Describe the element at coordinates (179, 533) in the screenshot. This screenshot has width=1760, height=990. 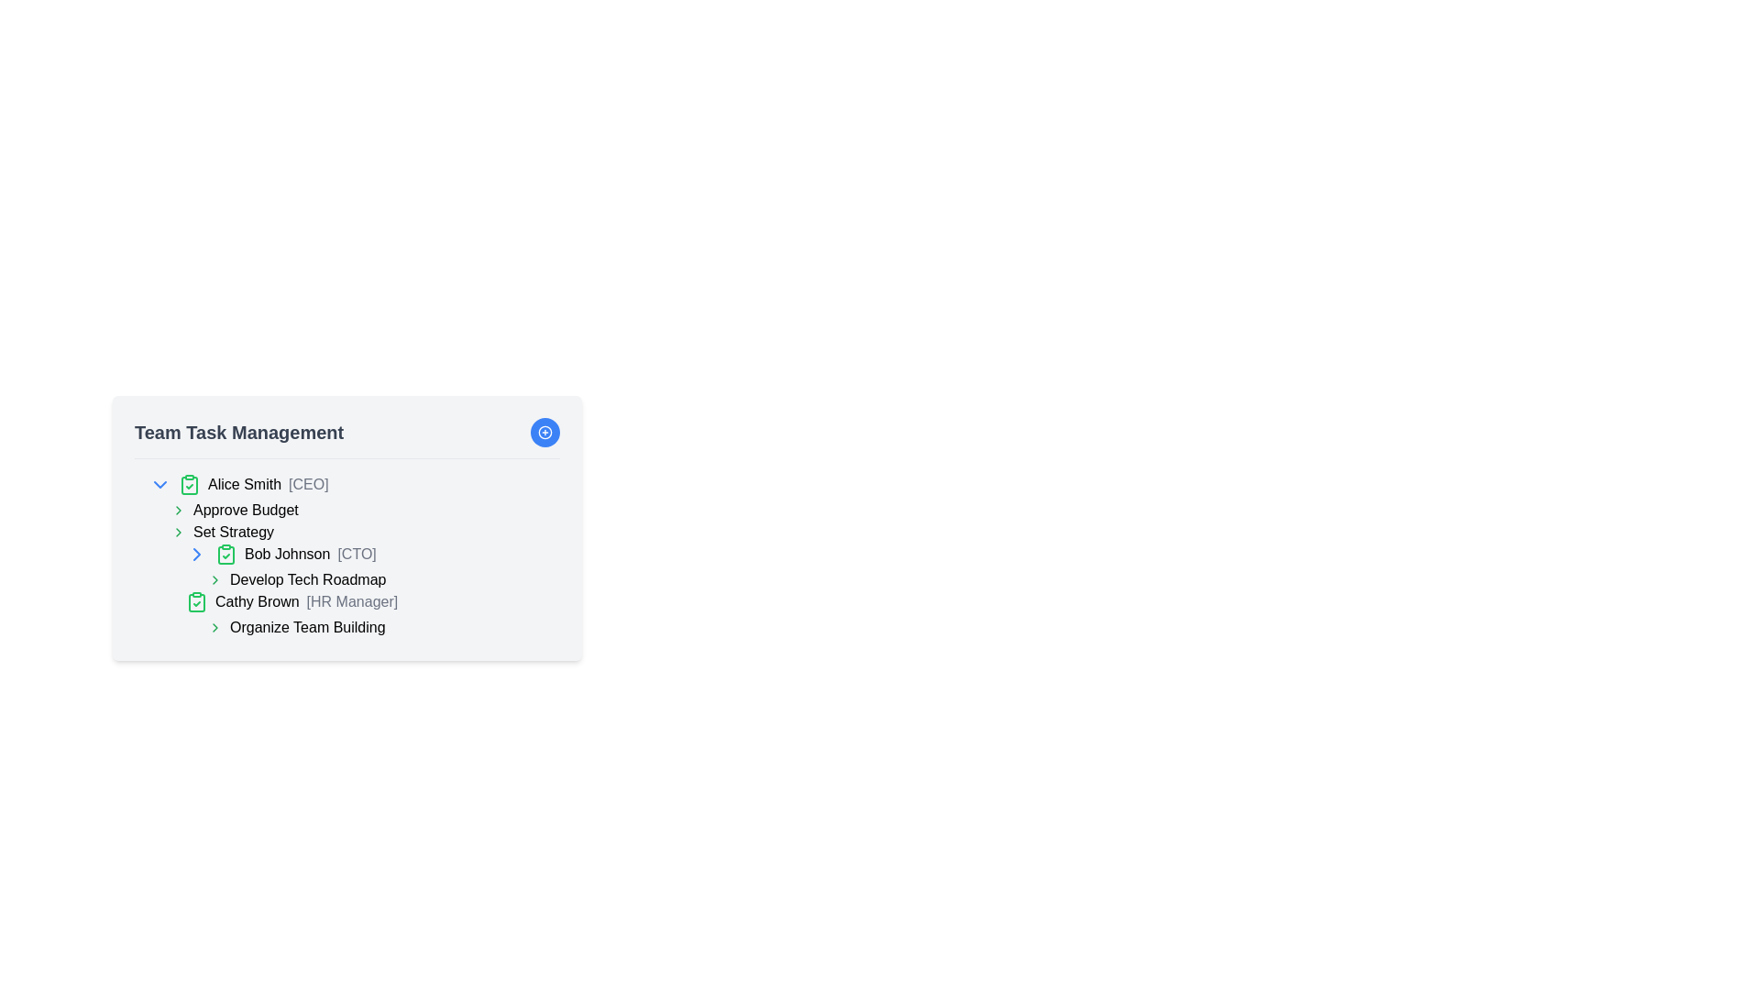
I see `the chevron-right icon located directly to the left of the 'Set Strategy' text to initiate navigation or expansion` at that location.